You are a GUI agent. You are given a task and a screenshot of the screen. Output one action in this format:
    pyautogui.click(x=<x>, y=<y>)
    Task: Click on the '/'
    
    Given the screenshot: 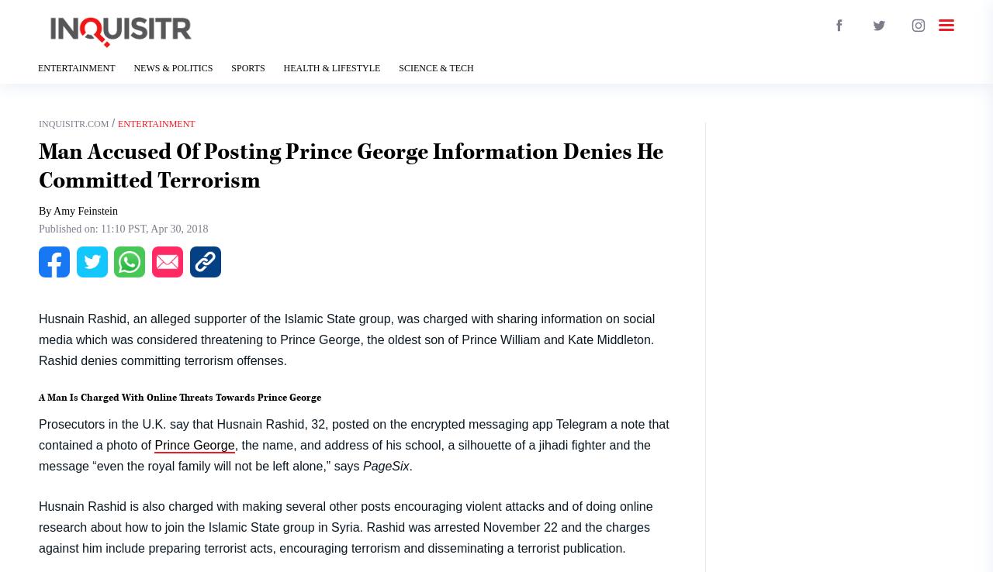 What is the action you would take?
    pyautogui.click(x=108, y=122)
    